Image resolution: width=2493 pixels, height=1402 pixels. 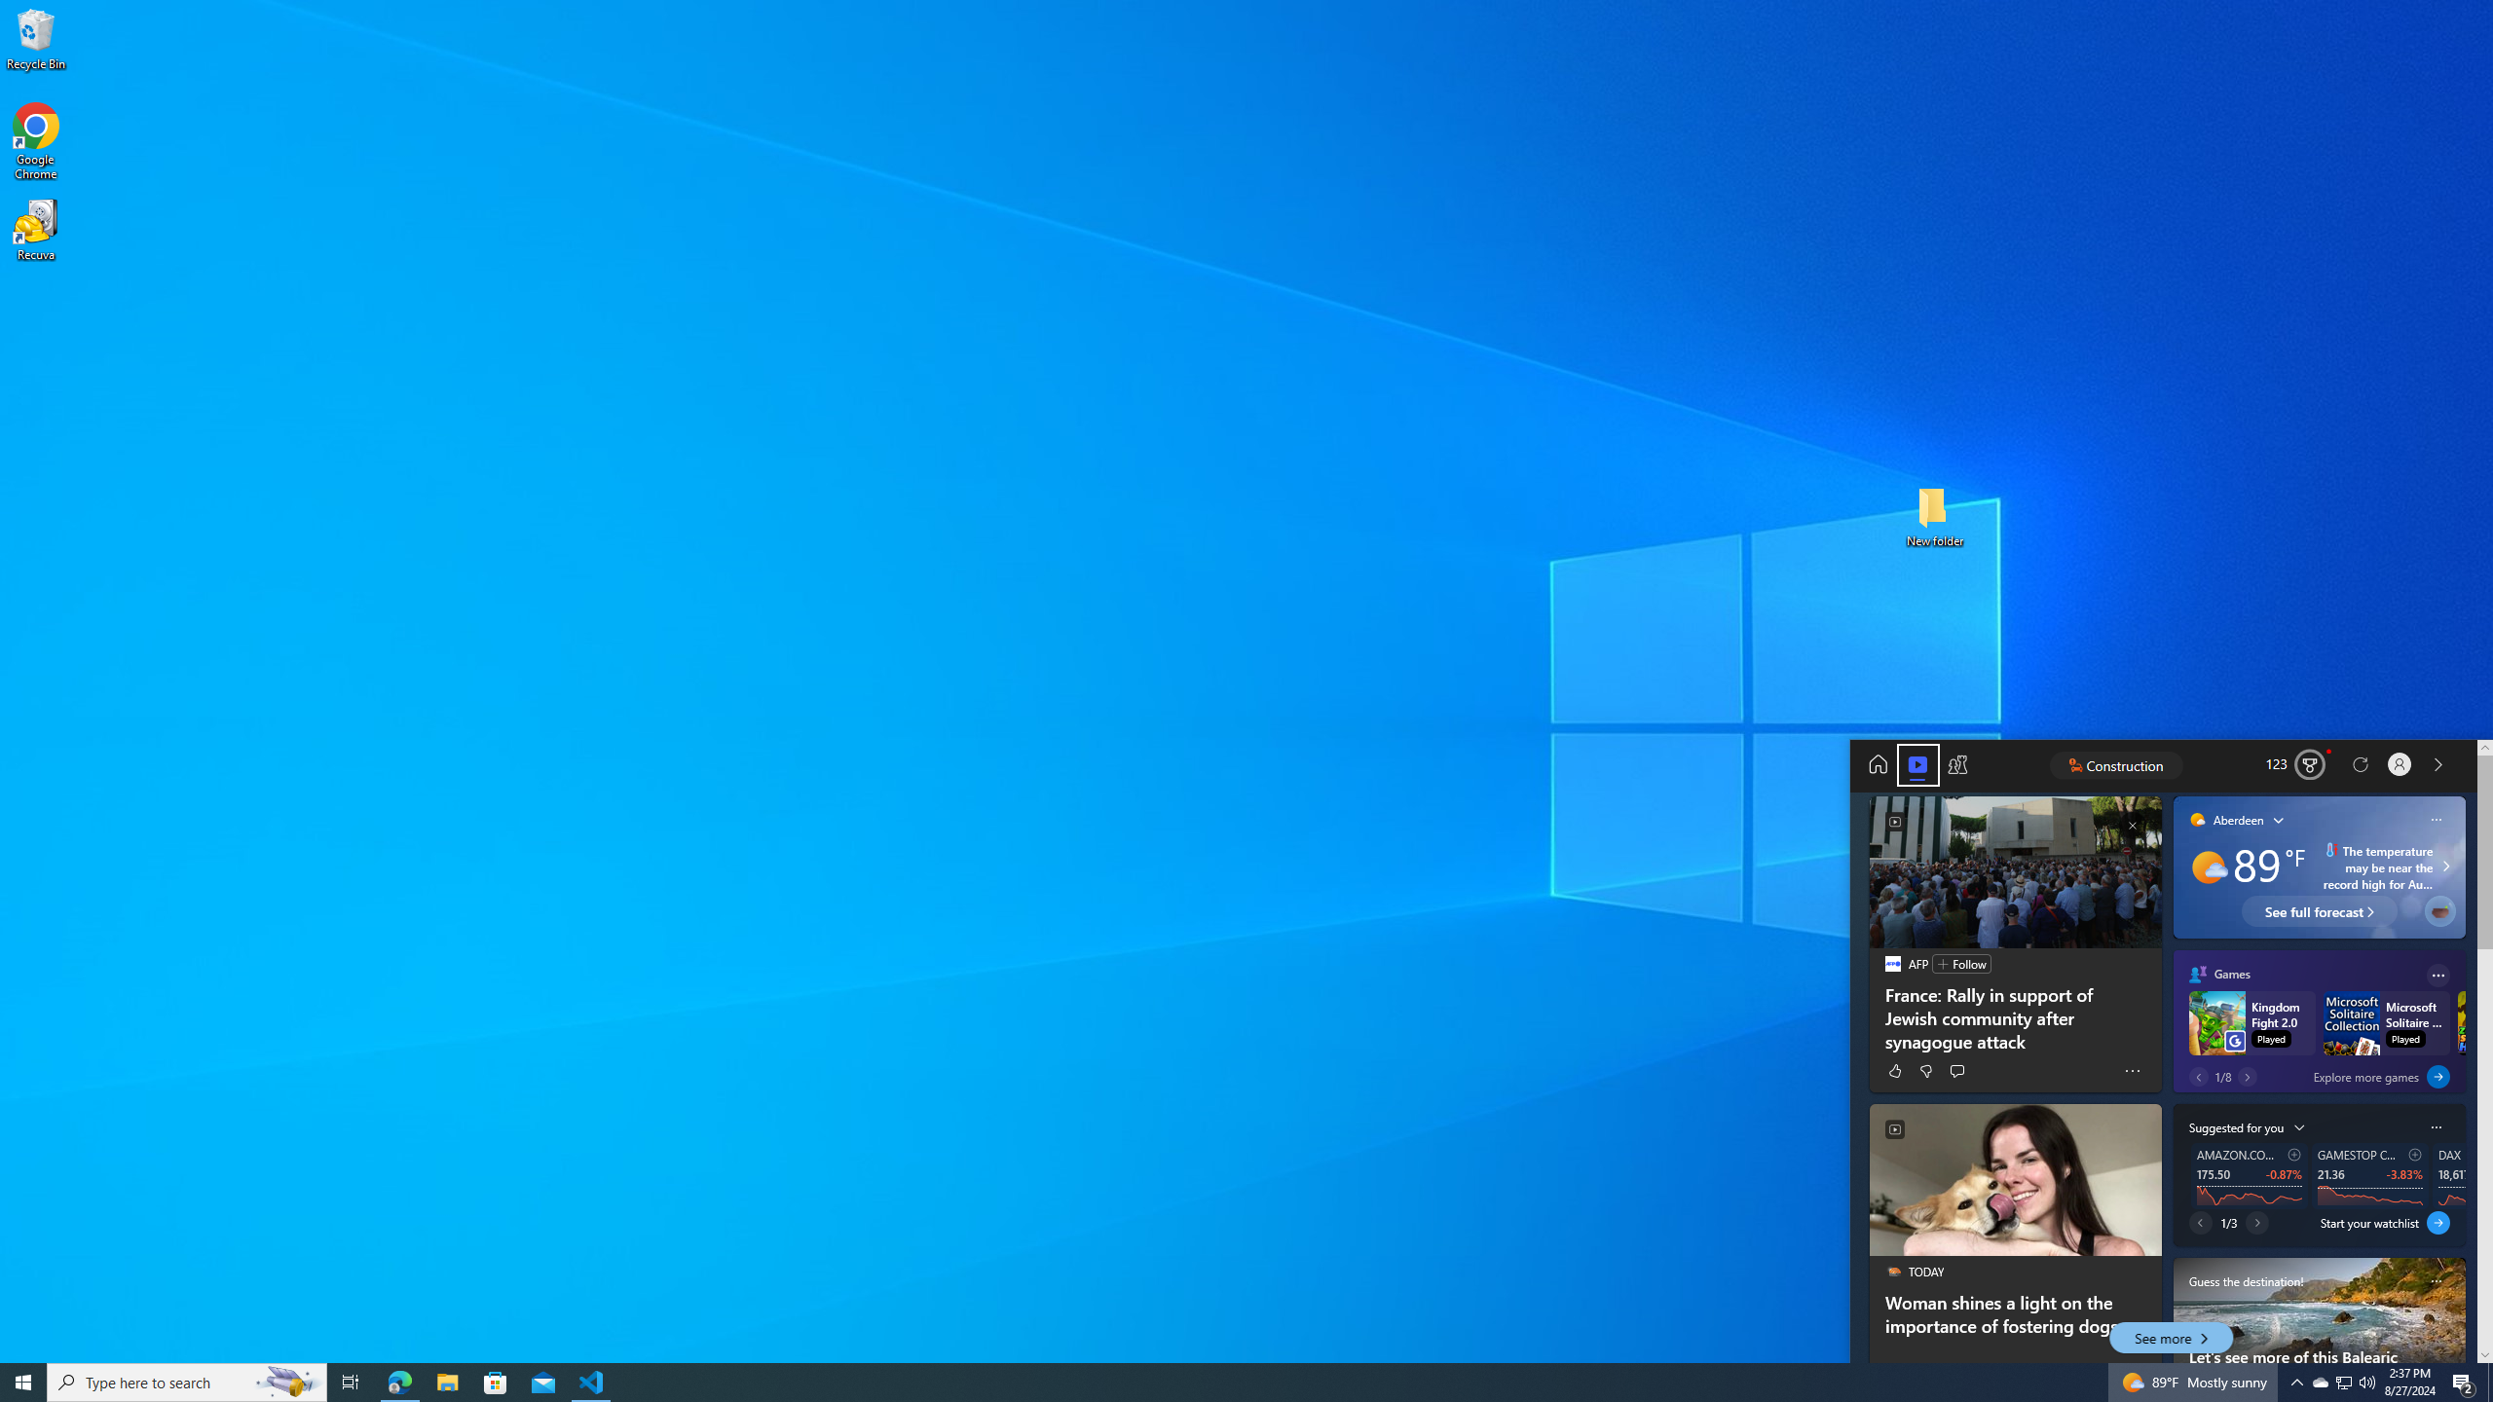 I want to click on 'Search highlights icon opens search home window', so click(x=286, y=1381).